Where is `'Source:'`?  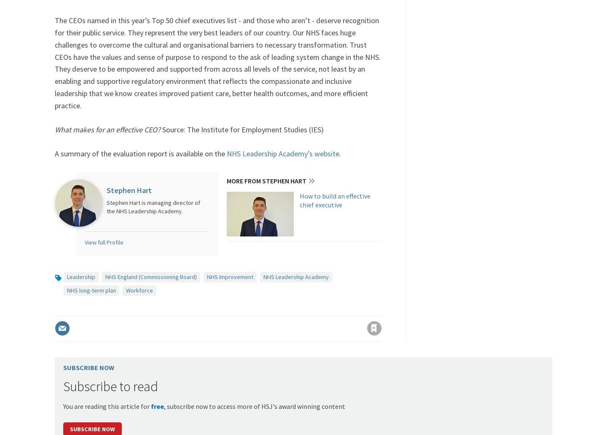
'Source:' is located at coordinates (173, 129).